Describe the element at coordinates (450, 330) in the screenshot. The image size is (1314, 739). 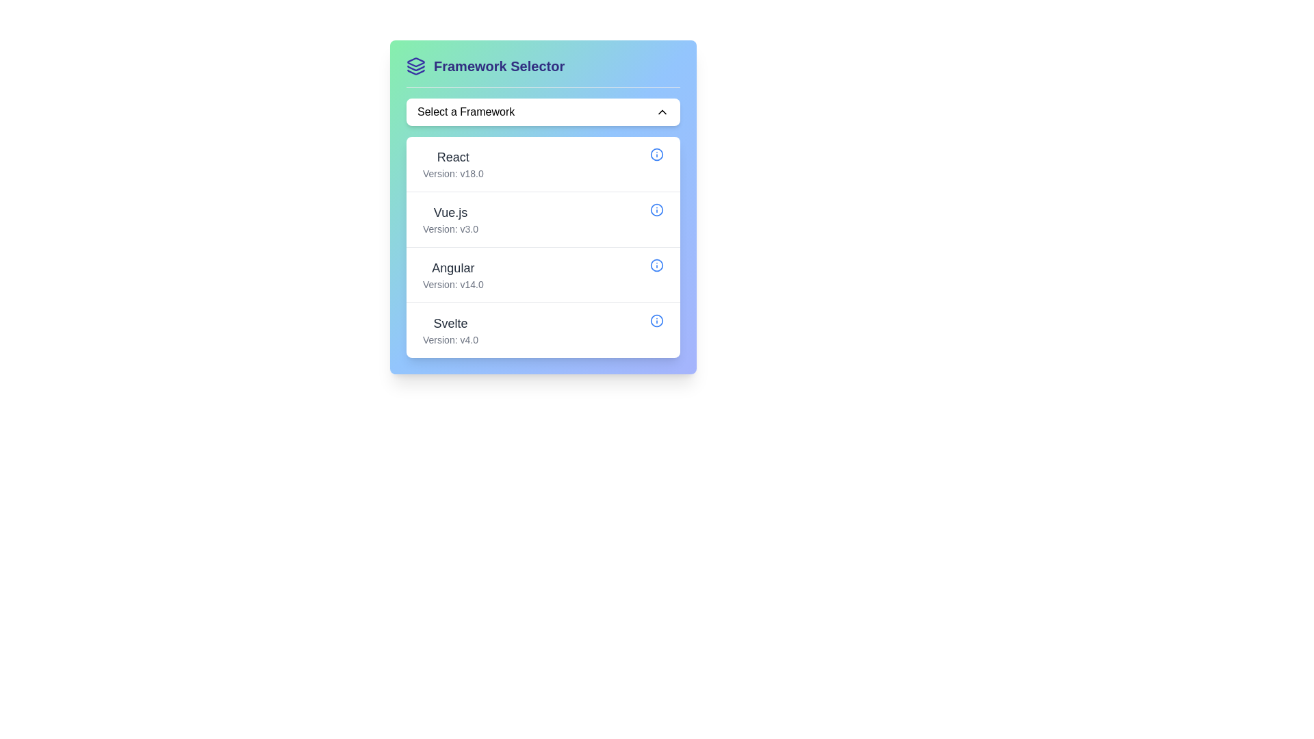
I see `the Svelte framework text block, which displays the name of the framework and its version information, located at the bottom of the 'Framework Selector' panel` at that location.